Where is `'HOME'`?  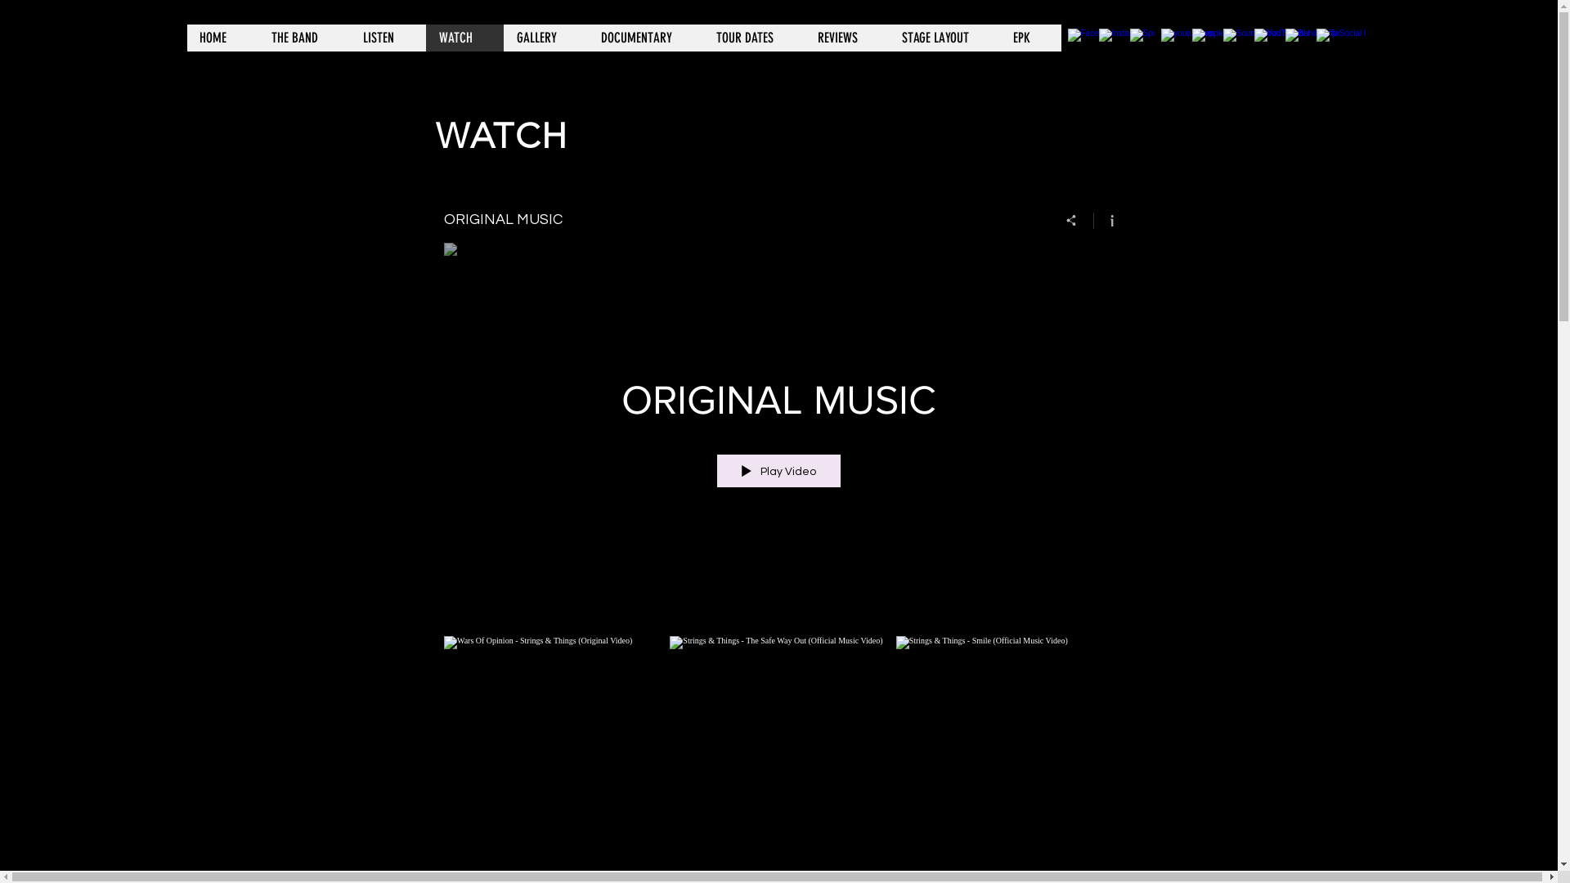 'HOME' is located at coordinates (221, 37).